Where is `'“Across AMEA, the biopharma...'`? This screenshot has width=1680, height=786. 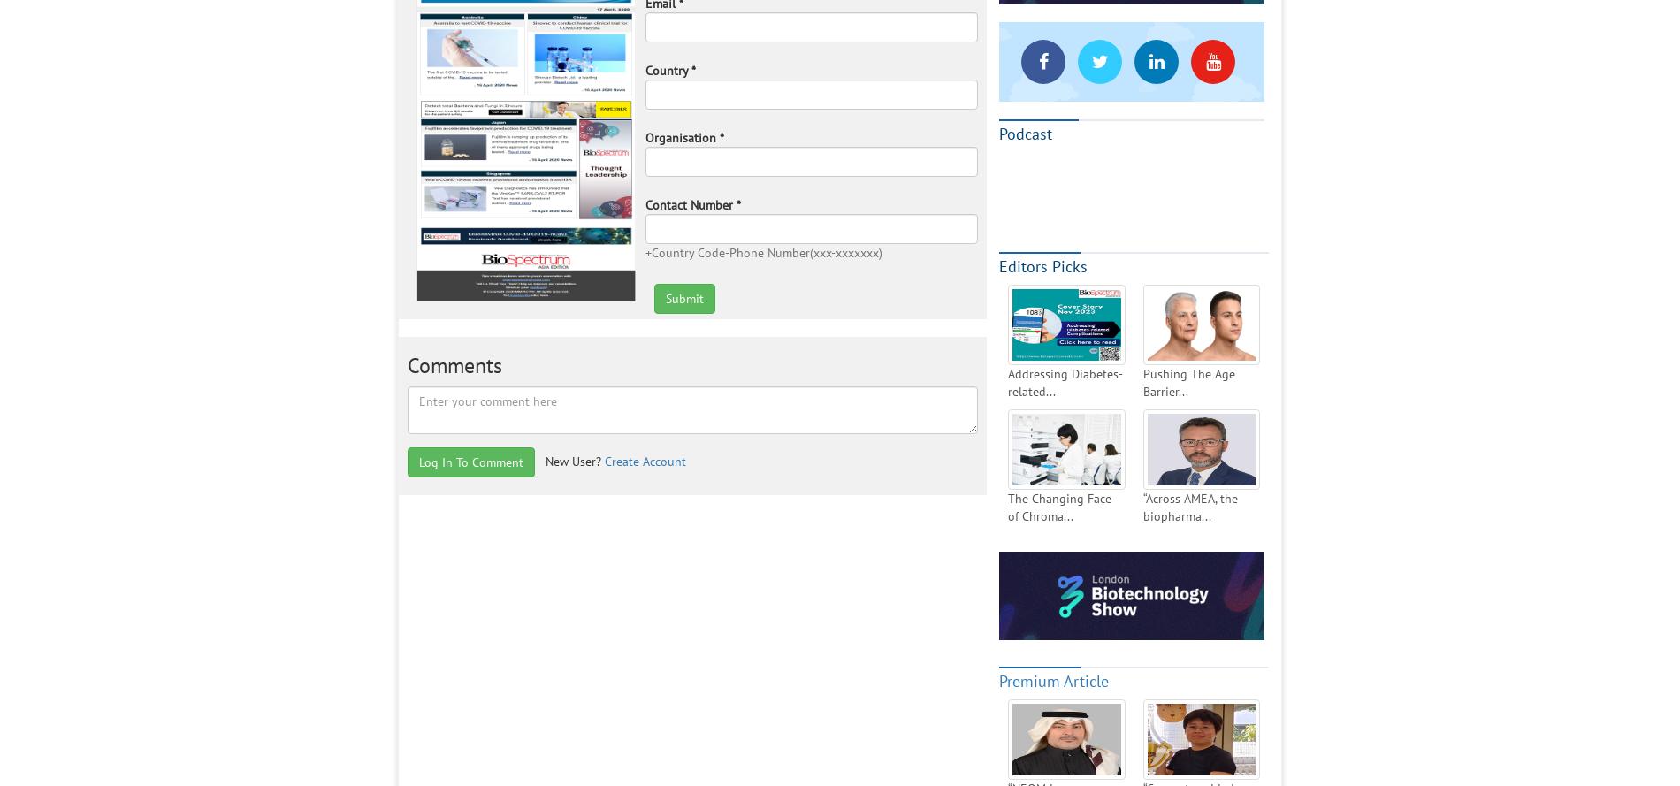
'“Across AMEA, the biopharma...' is located at coordinates (1188, 506).